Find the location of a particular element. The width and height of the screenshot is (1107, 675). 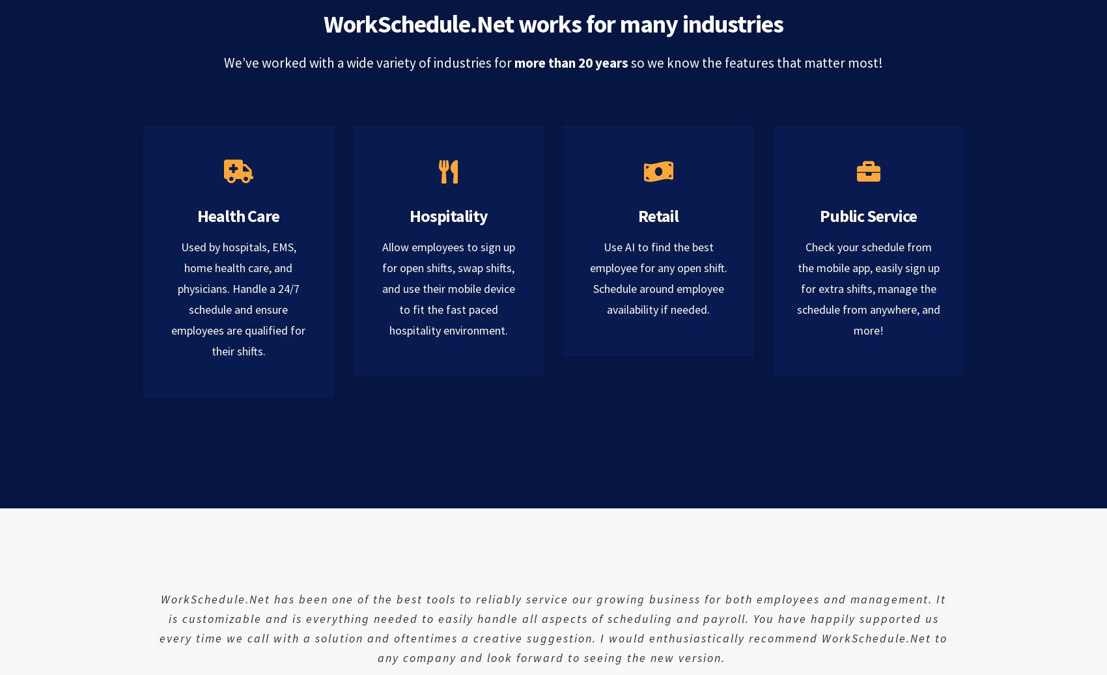

'has been one of the best tools to reliably service our growing business for both employees and management. It is customizable and' is located at coordinates (557, 608).